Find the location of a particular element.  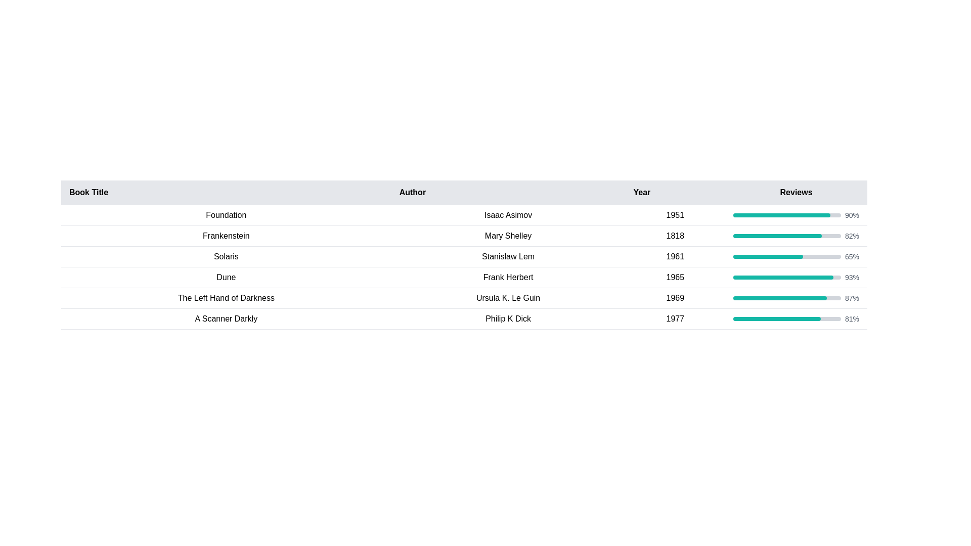

the progress bar in the 'Reviews' column that indicates the percentage of positive reviews for the book 'Frankenstein' is located at coordinates (786, 236).